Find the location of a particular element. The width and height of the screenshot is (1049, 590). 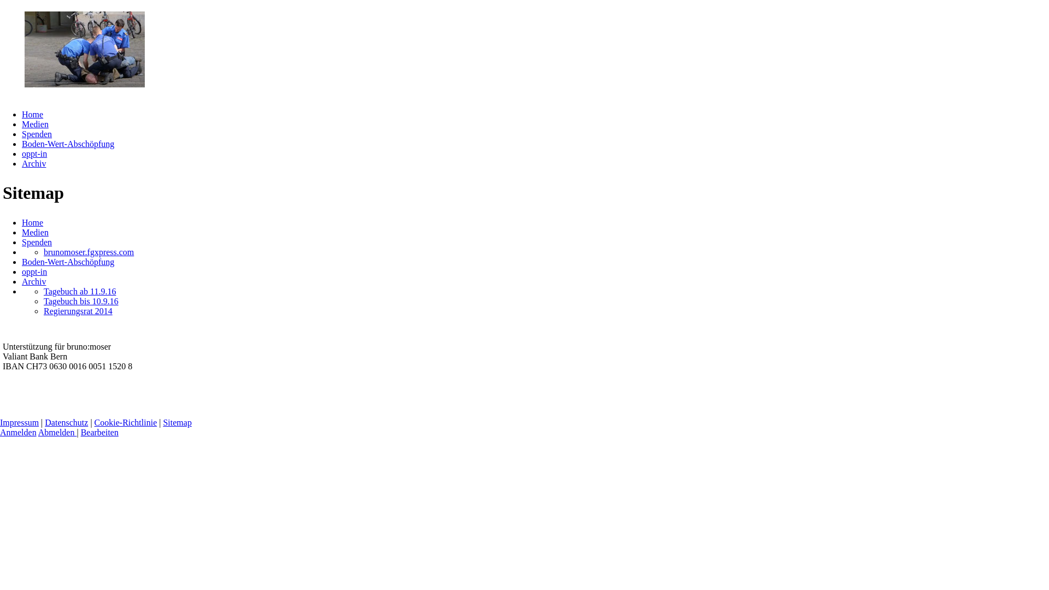

'Impressum' is located at coordinates (19, 422).